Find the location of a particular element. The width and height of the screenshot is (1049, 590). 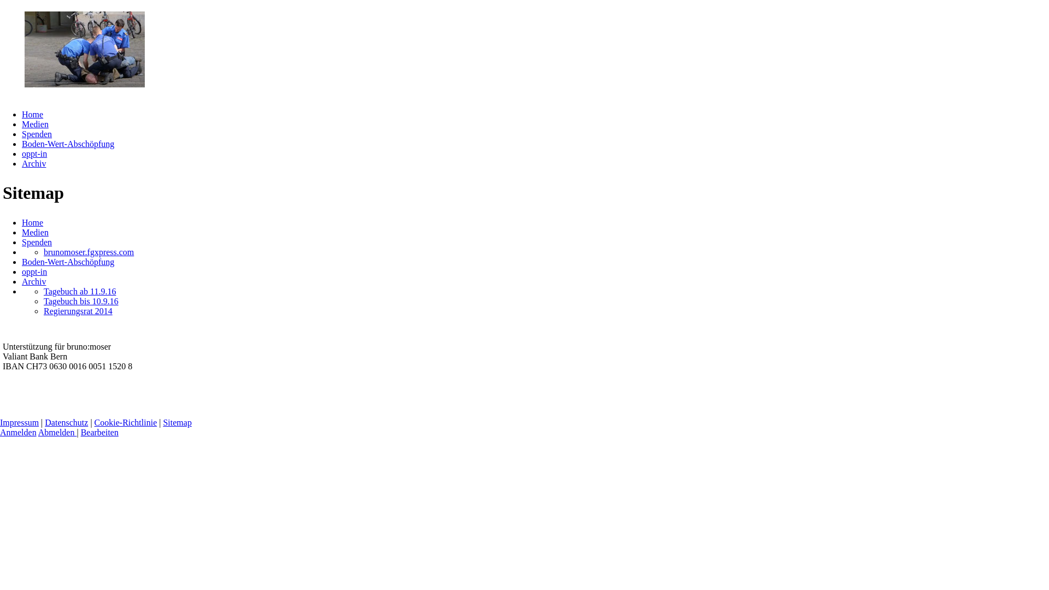

'Impressum' is located at coordinates (19, 422).